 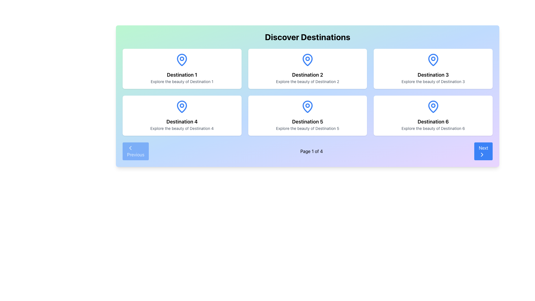 What do you see at coordinates (182, 60) in the screenshot?
I see `the geographical icon indicating 'Destination 1' located in the first card of the grid layout` at bounding box center [182, 60].